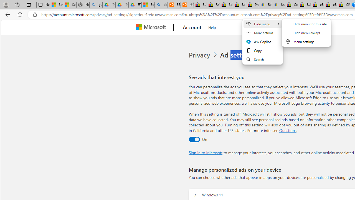 The height and width of the screenshot is (200, 355). Describe the element at coordinates (262, 59) in the screenshot. I see `'Search'` at that location.